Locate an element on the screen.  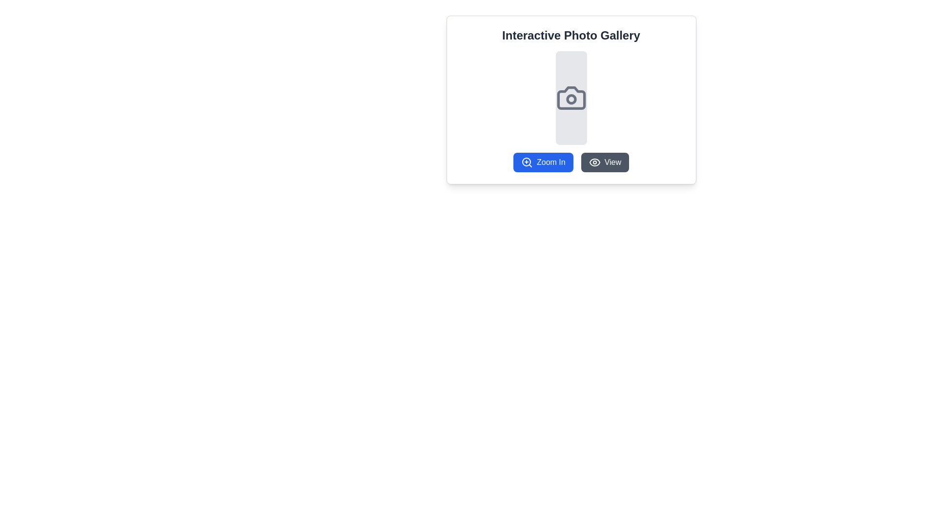
the camera icon graphic located in the Interactive Photo Gallery module, which serves as a decorative representation of a camera is located at coordinates (571, 98).